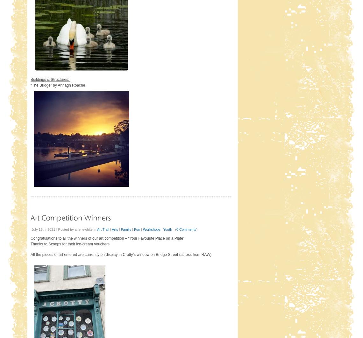 The height and width of the screenshot is (338, 363). What do you see at coordinates (114, 229) in the screenshot?
I see `'Arts'` at bounding box center [114, 229].